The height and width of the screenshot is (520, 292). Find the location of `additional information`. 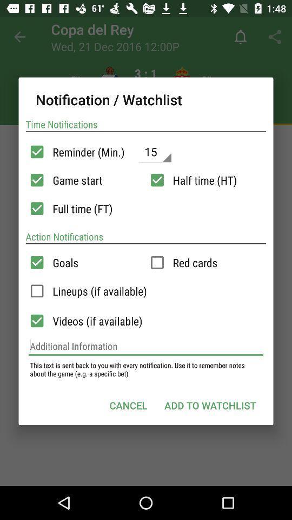

additional information is located at coordinates (146, 346).